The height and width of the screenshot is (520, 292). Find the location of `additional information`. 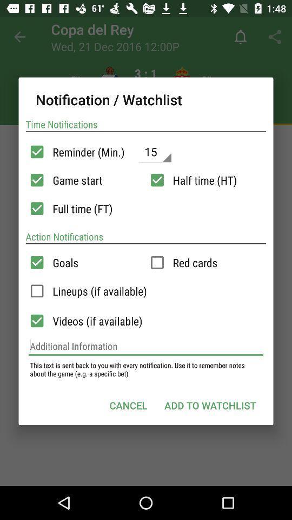

additional information is located at coordinates (146, 346).